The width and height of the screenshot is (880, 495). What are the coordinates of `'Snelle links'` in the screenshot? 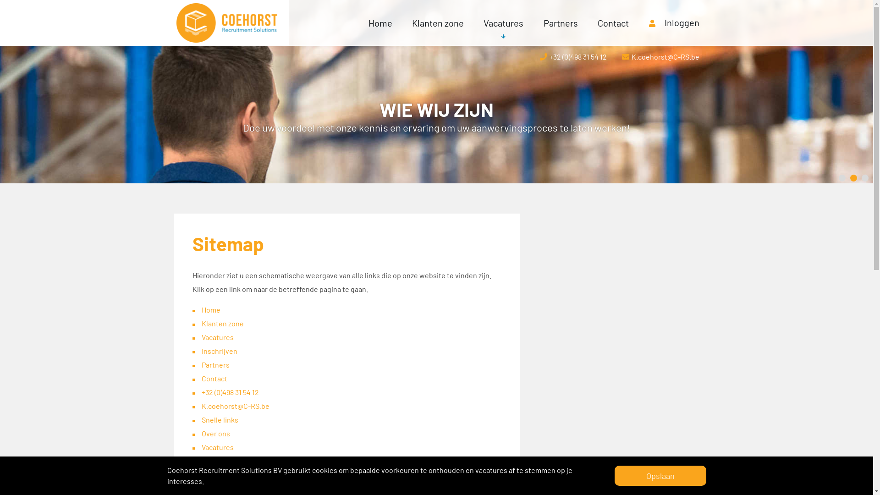 It's located at (201, 419).